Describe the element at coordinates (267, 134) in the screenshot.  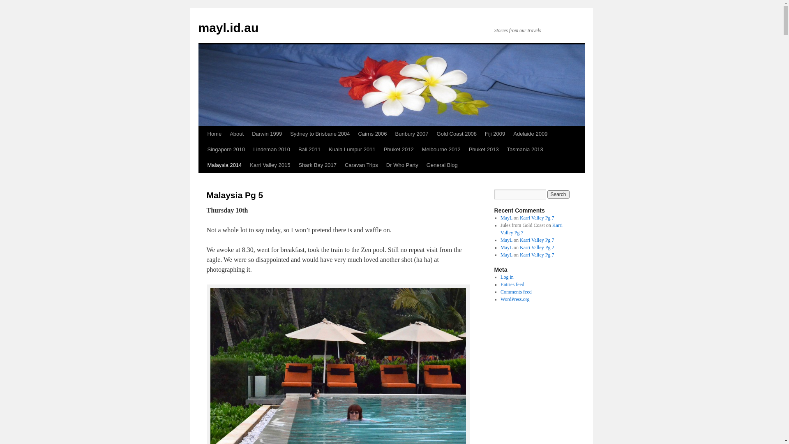
I see `'Darwin 1999'` at that location.